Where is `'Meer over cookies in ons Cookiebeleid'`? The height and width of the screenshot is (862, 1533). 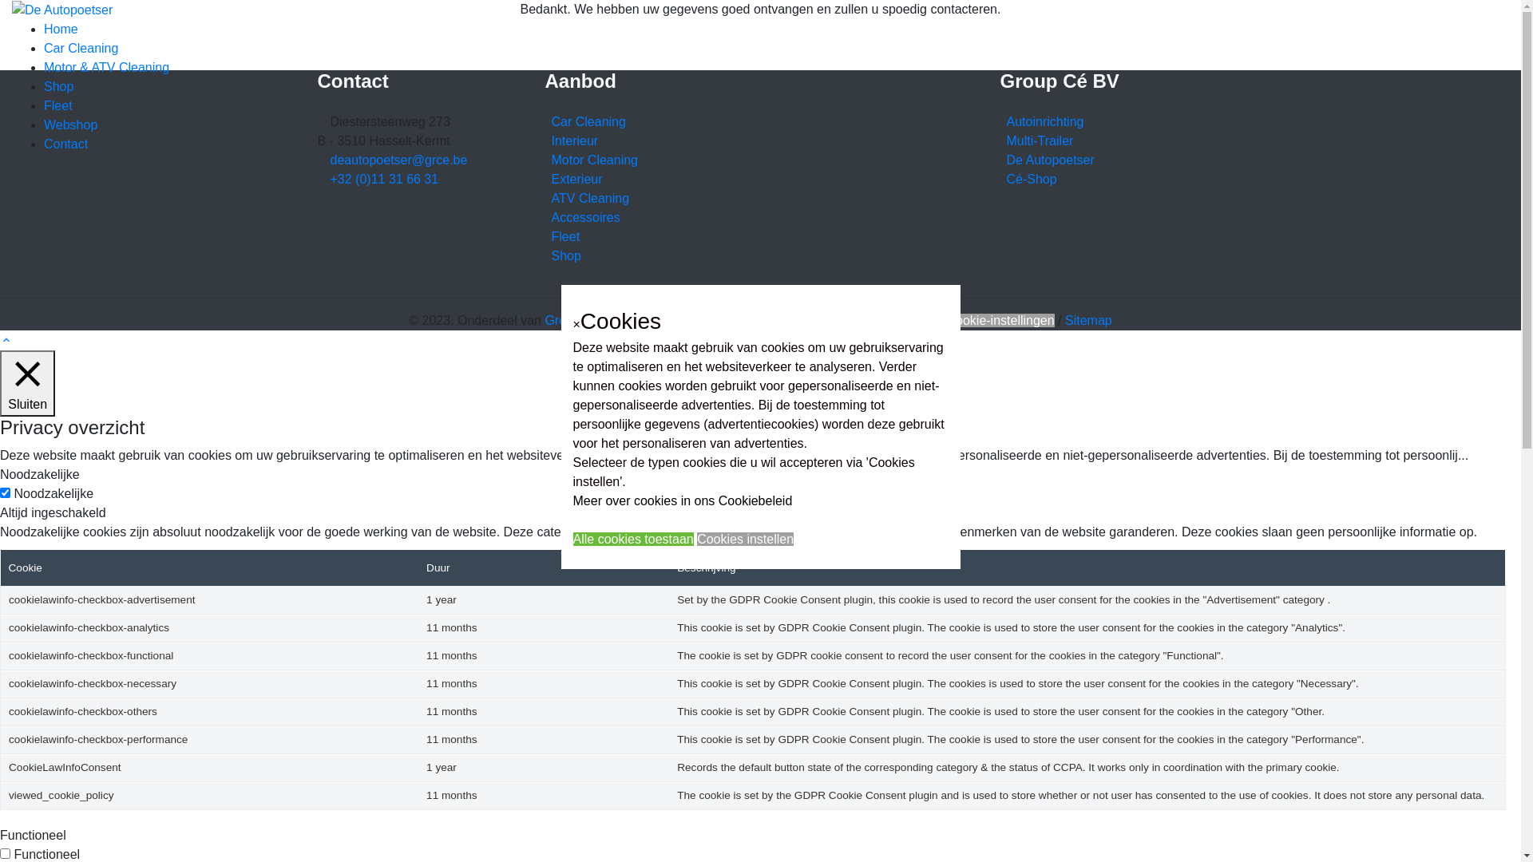
'Meer over cookies in ons Cookiebeleid' is located at coordinates (683, 500).